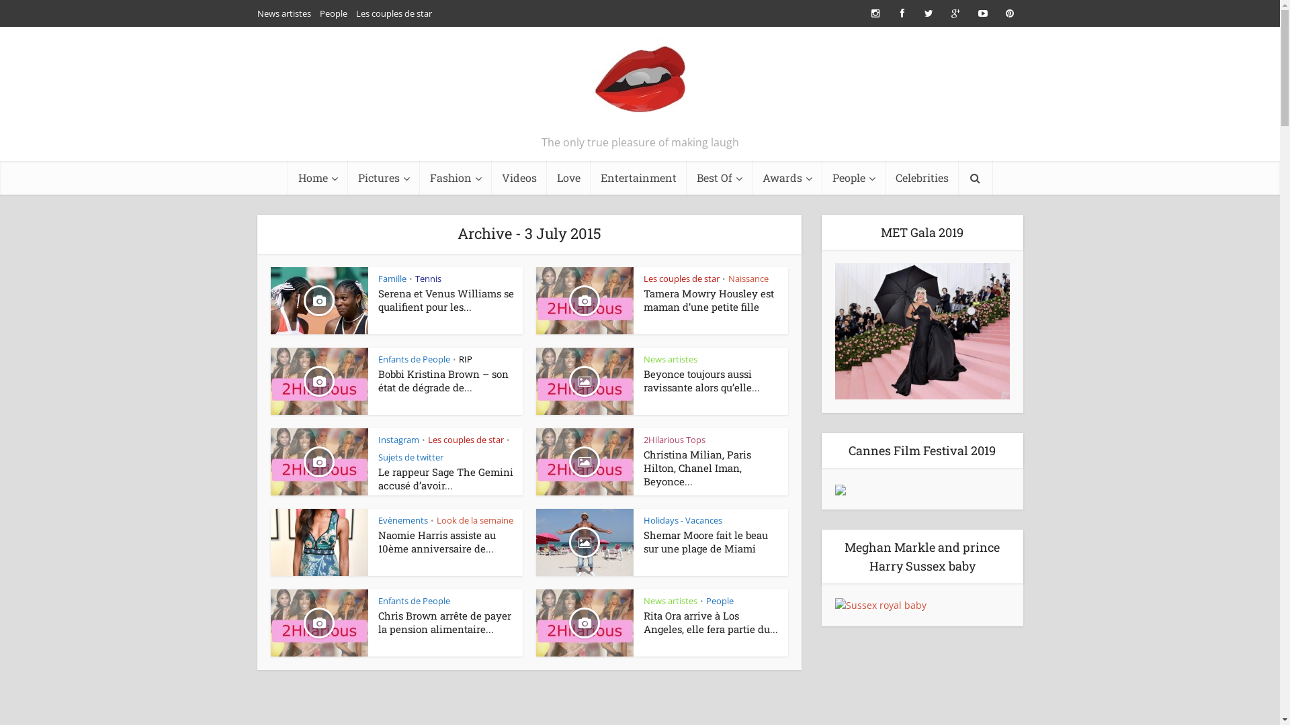  Describe the element at coordinates (638, 83) in the screenshot. I see `'2Hilarious.com'` at that location.